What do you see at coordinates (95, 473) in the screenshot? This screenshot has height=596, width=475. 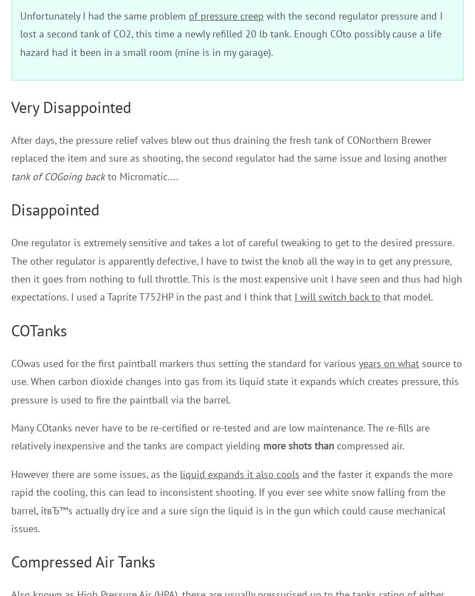 I see `'However there are some issues, as the'` at bounding box center [95, 473].